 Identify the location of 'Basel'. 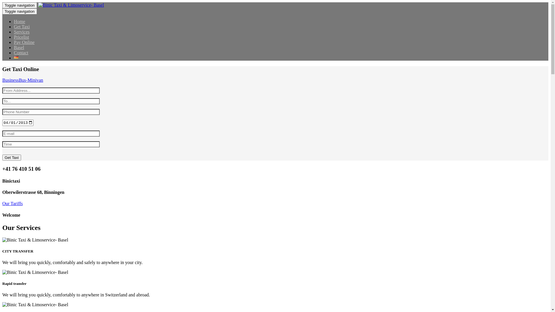
(19, 47).